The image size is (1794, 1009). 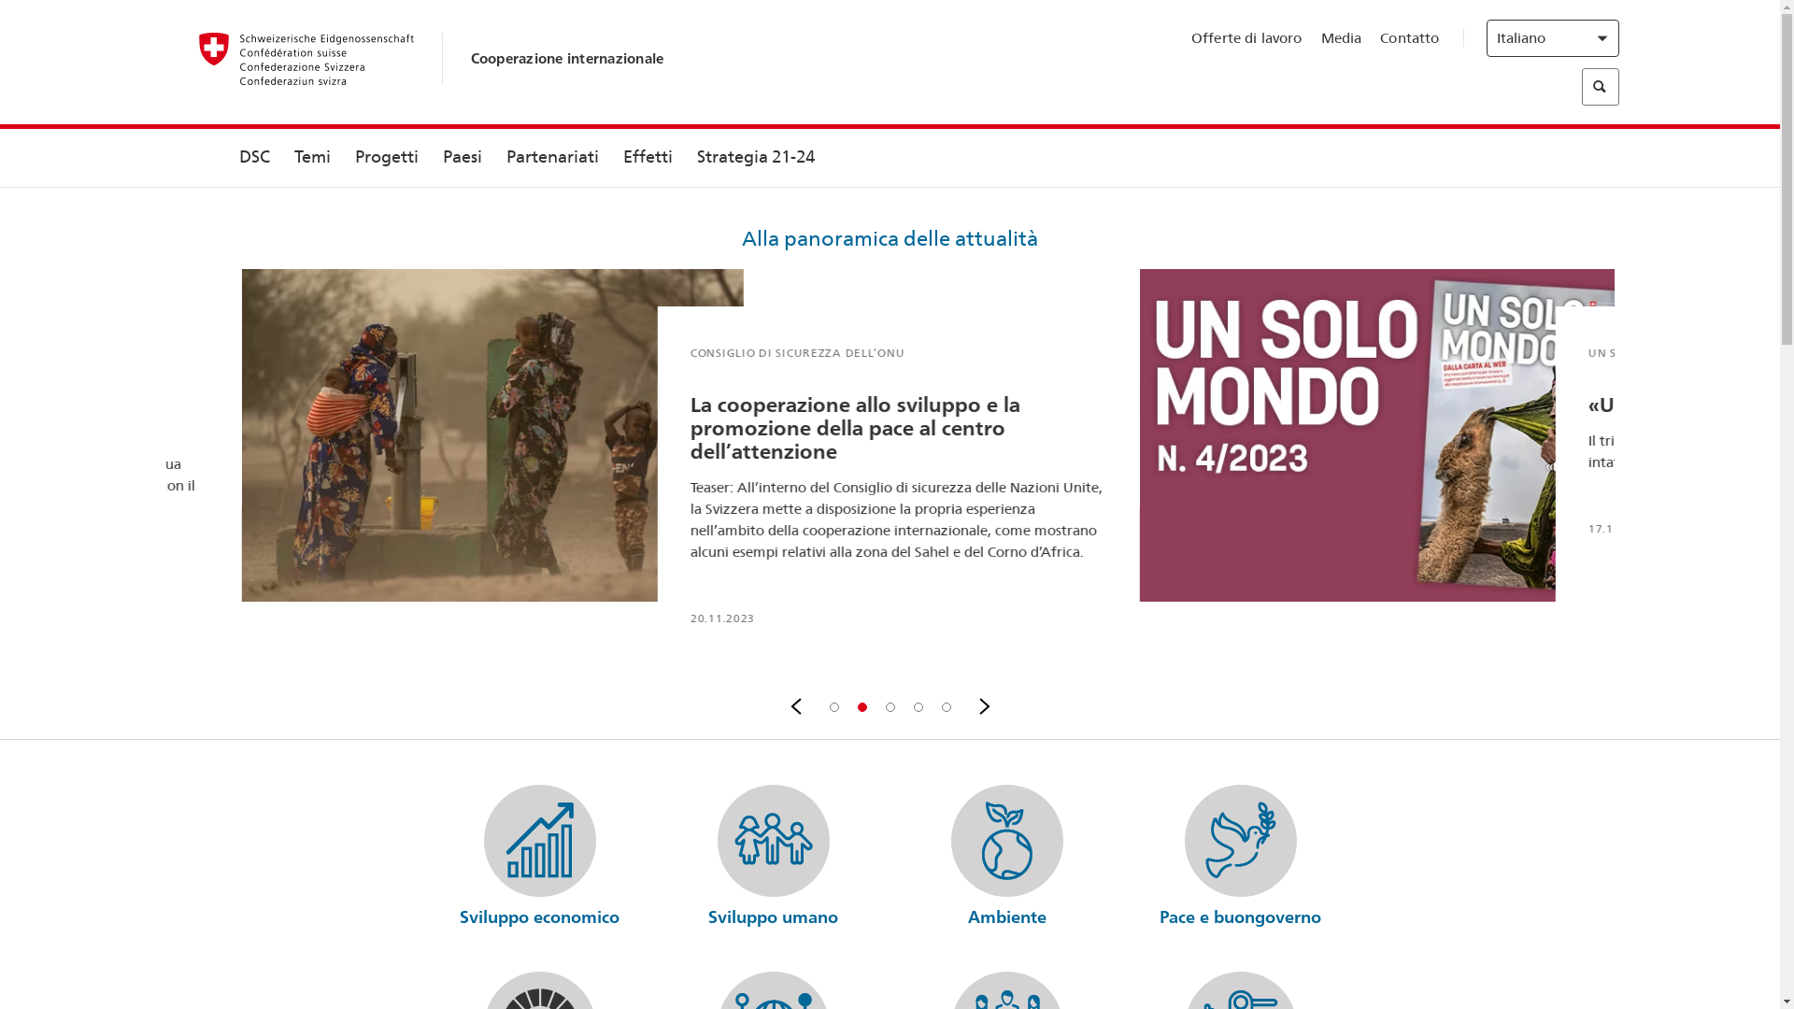 I want to click on 'Contatto', so click(x=1409, y=38).